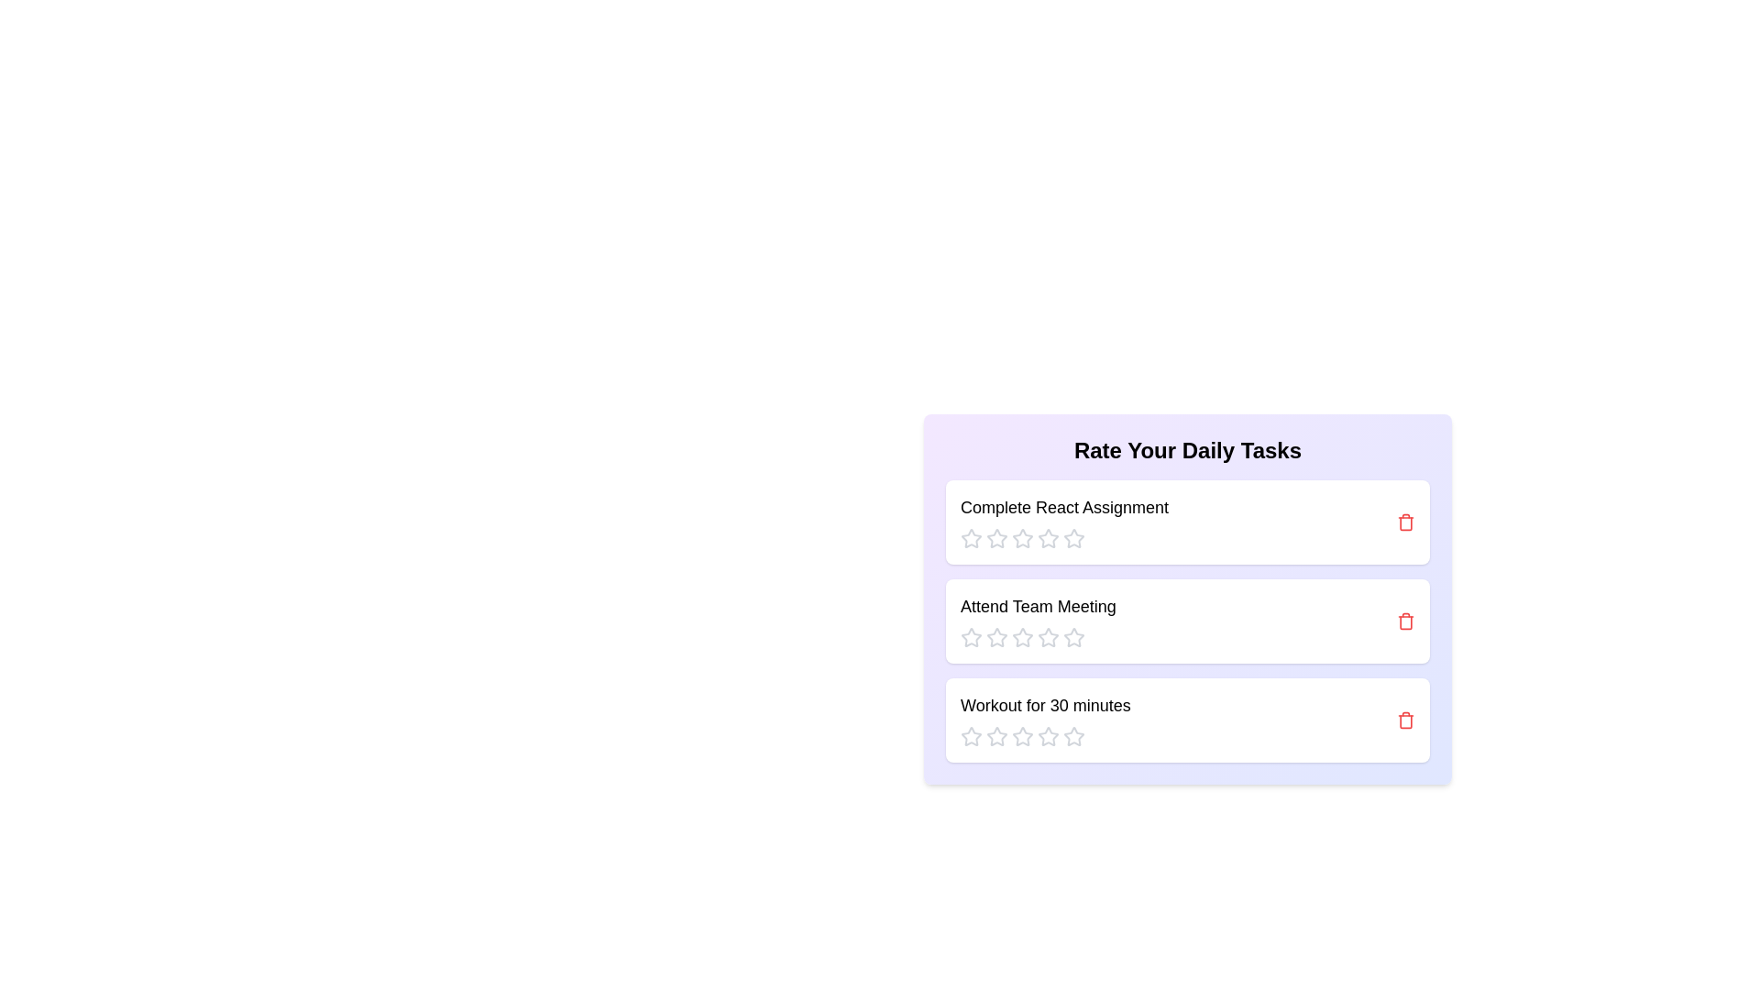 The image size is (1760, 990). I want to click on the rating for a task to 1 stars by clicking the corresponding star icon, so click(971, 537).